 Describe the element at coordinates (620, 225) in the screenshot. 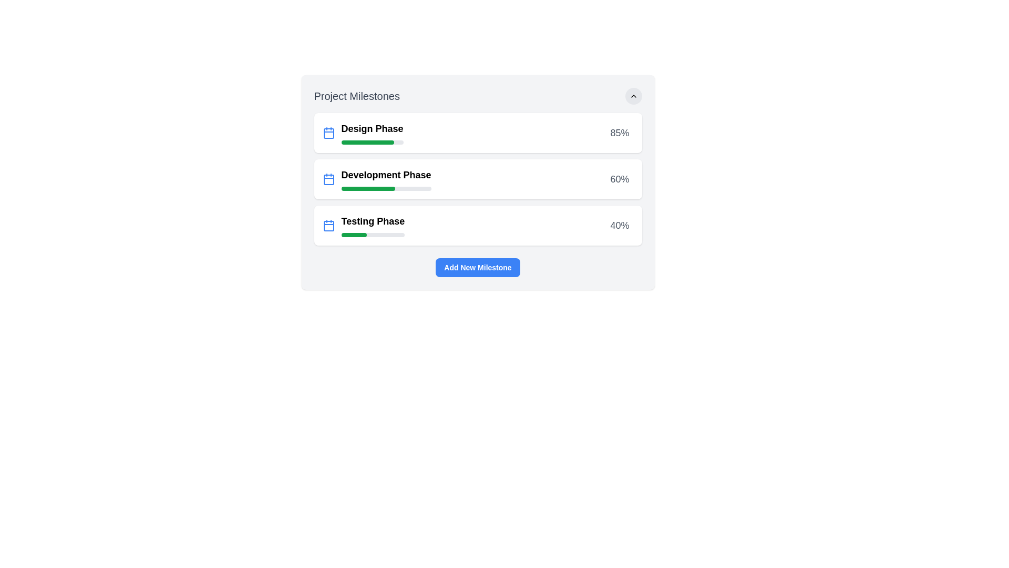

I see `the text label displaying '40%' in gray color, located at the upper-right corner of the 'Testing Phase' progress bar card` at that location.